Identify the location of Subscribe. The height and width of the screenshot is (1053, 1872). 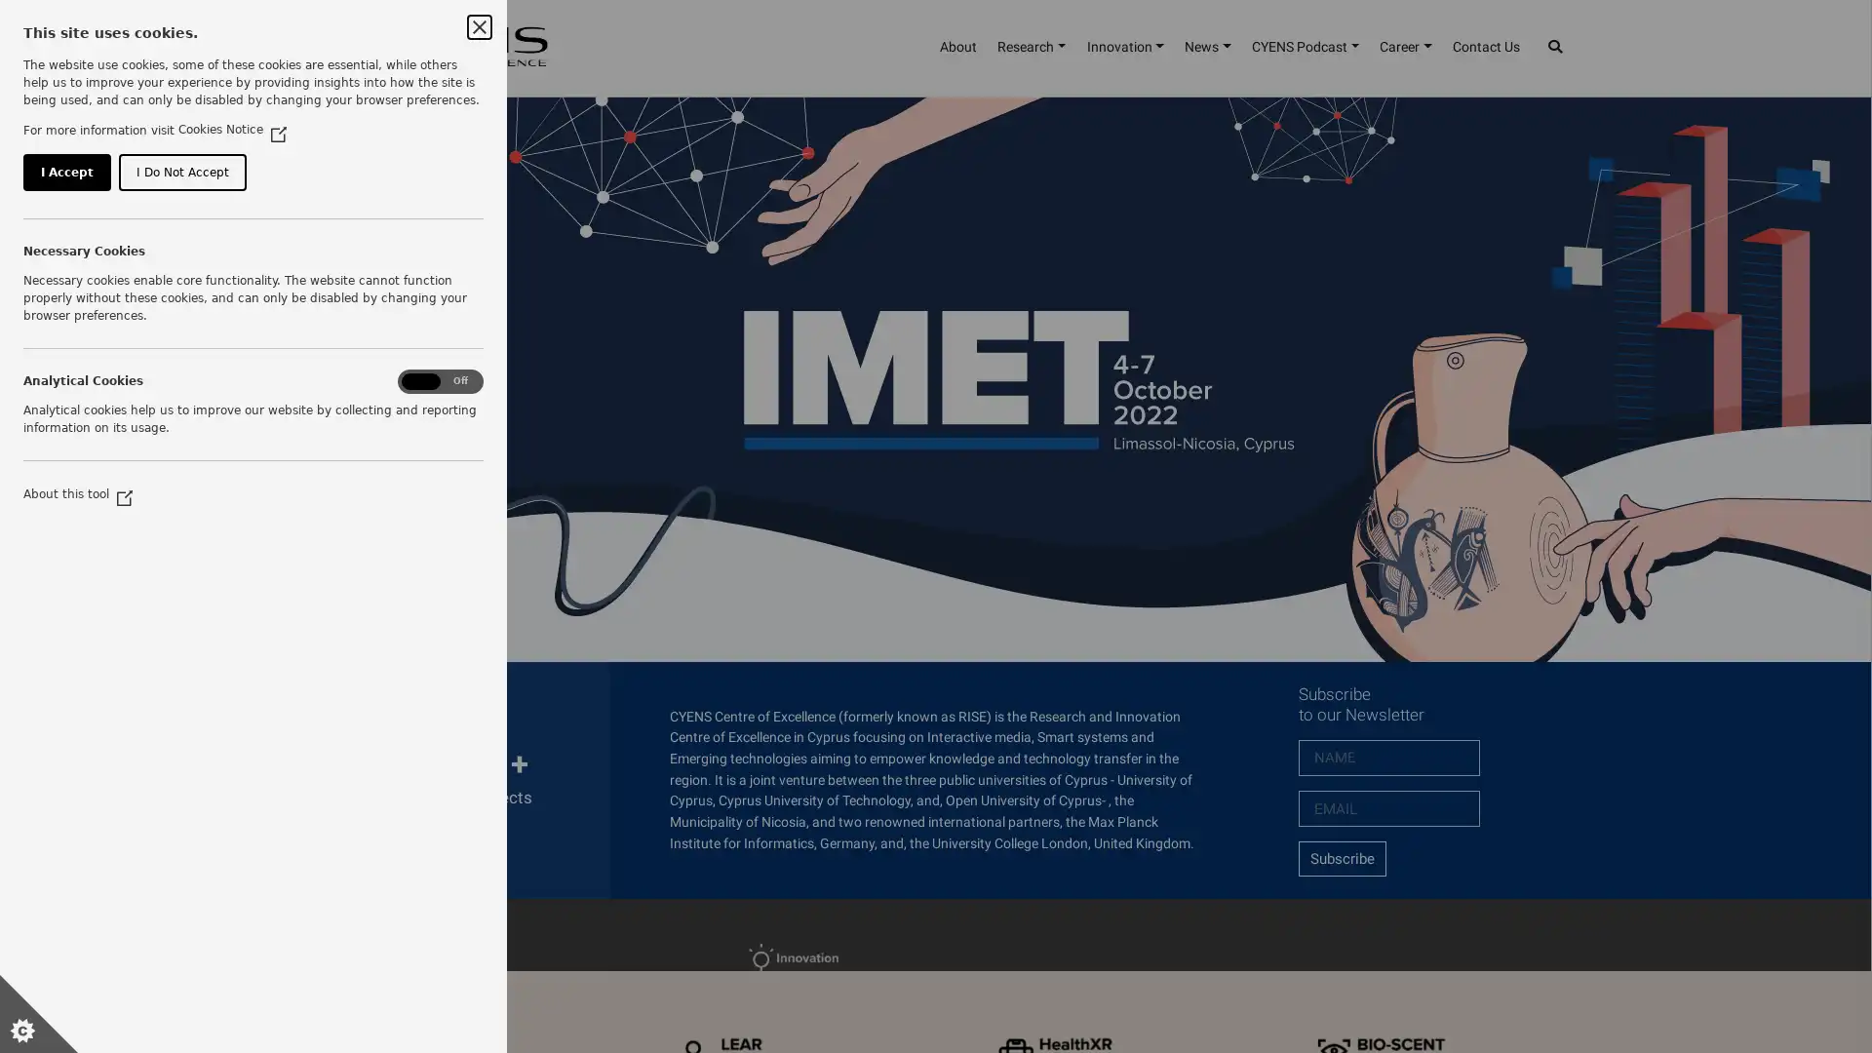
(1341, 857).